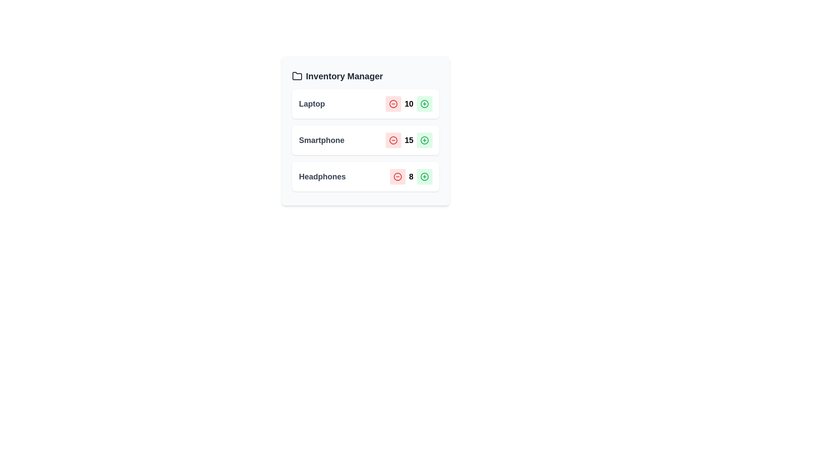 Image resolution: width=832 pixels, height=468 pixels. What do you see at coordinates (312, 103) in the screenshot?
I see `the item with name Laptop` at bounding box center [312, 103].